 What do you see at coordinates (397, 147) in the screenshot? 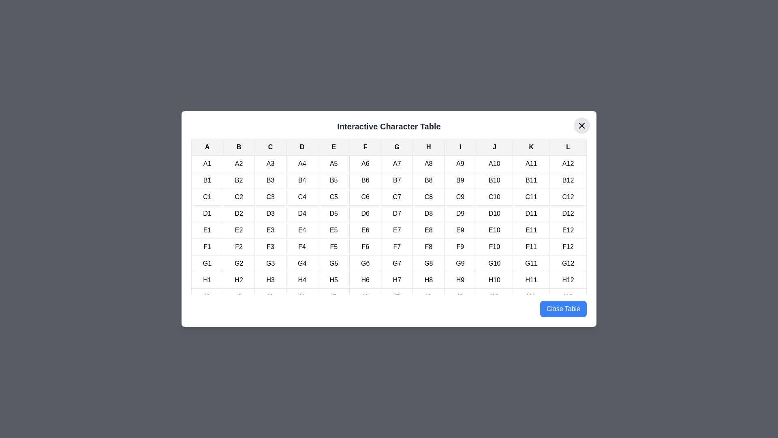
I see `the table header cell labeled G to highlight its column` at bounding box center [397, 147].